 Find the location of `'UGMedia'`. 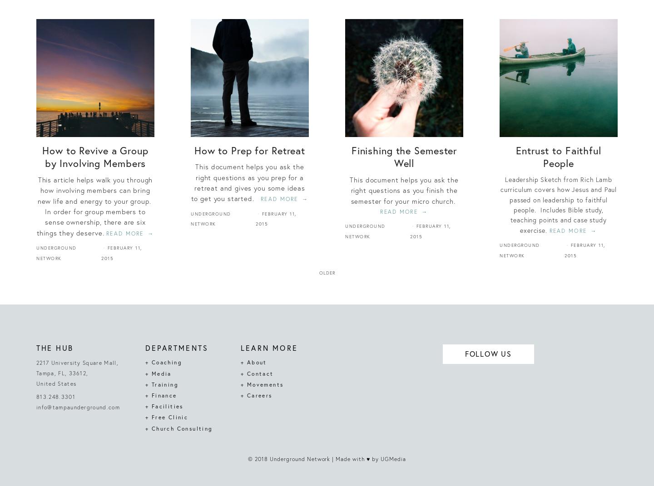

'UGMedia' is located at coordinates (392, 458).